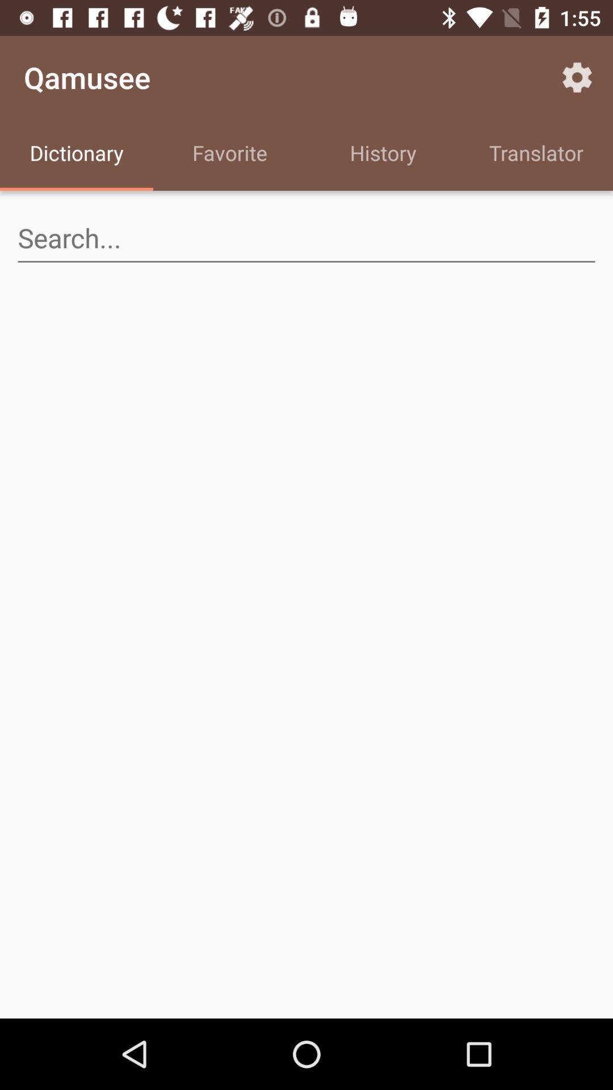 The image size is (613, 1090). Describe the element at coordinates (230, 154) in the screenshot. I see `the item below the qamusee icon` at that location.